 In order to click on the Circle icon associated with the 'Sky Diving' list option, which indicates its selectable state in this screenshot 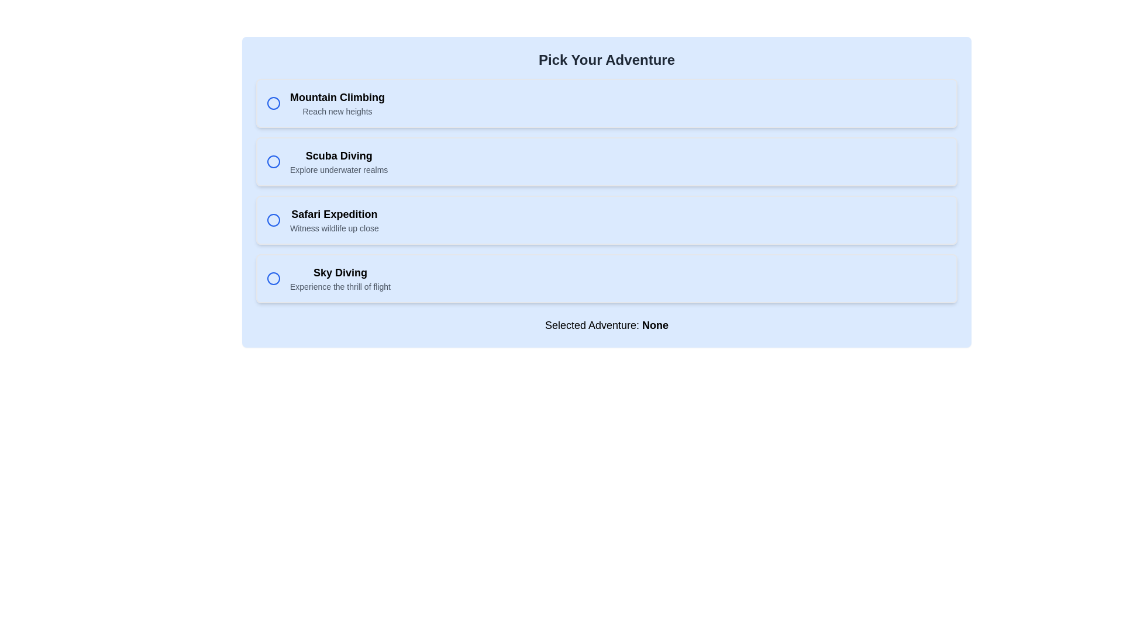, I will do `click(273, 279)`.